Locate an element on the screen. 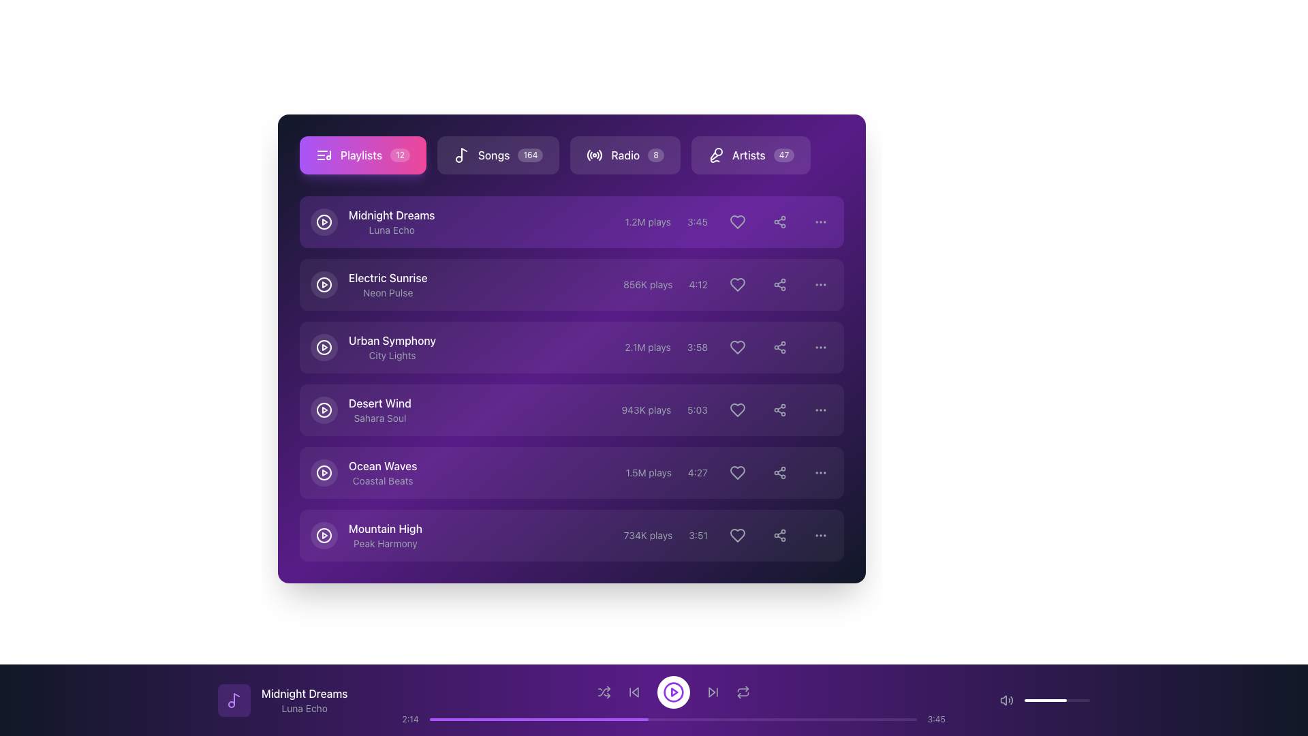 The image size is (1308, 736). the Text label displaying the artist or contributor name associated with the currently playing track, positioned in the footer section beneath 'Midnight Dreams.' is located at coordinates (304, 708).